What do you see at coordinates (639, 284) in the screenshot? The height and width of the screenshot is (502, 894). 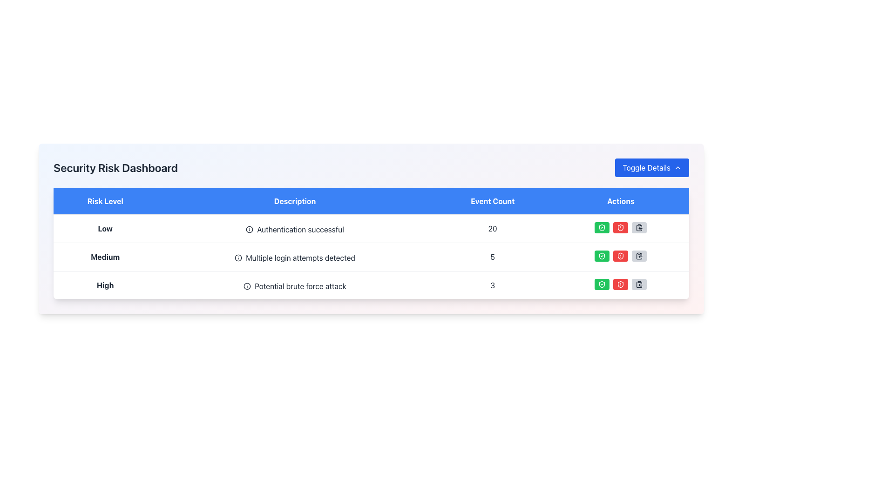 I see `the copy icon button located in the Actions column of the table for the row labeled High in the Risk Level column, which is the fourth button in the sequence` at bounding box center [639, 284].